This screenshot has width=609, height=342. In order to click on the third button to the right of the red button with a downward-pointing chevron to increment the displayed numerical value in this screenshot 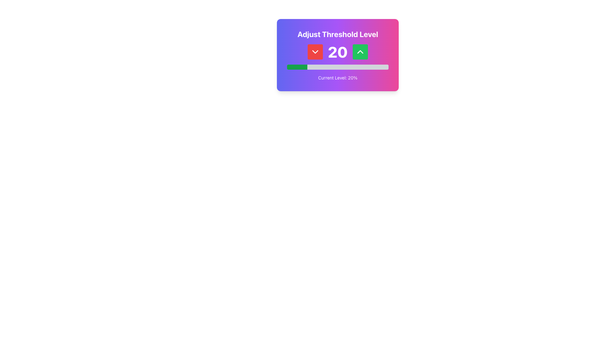, I will do `click(360, 52)`.